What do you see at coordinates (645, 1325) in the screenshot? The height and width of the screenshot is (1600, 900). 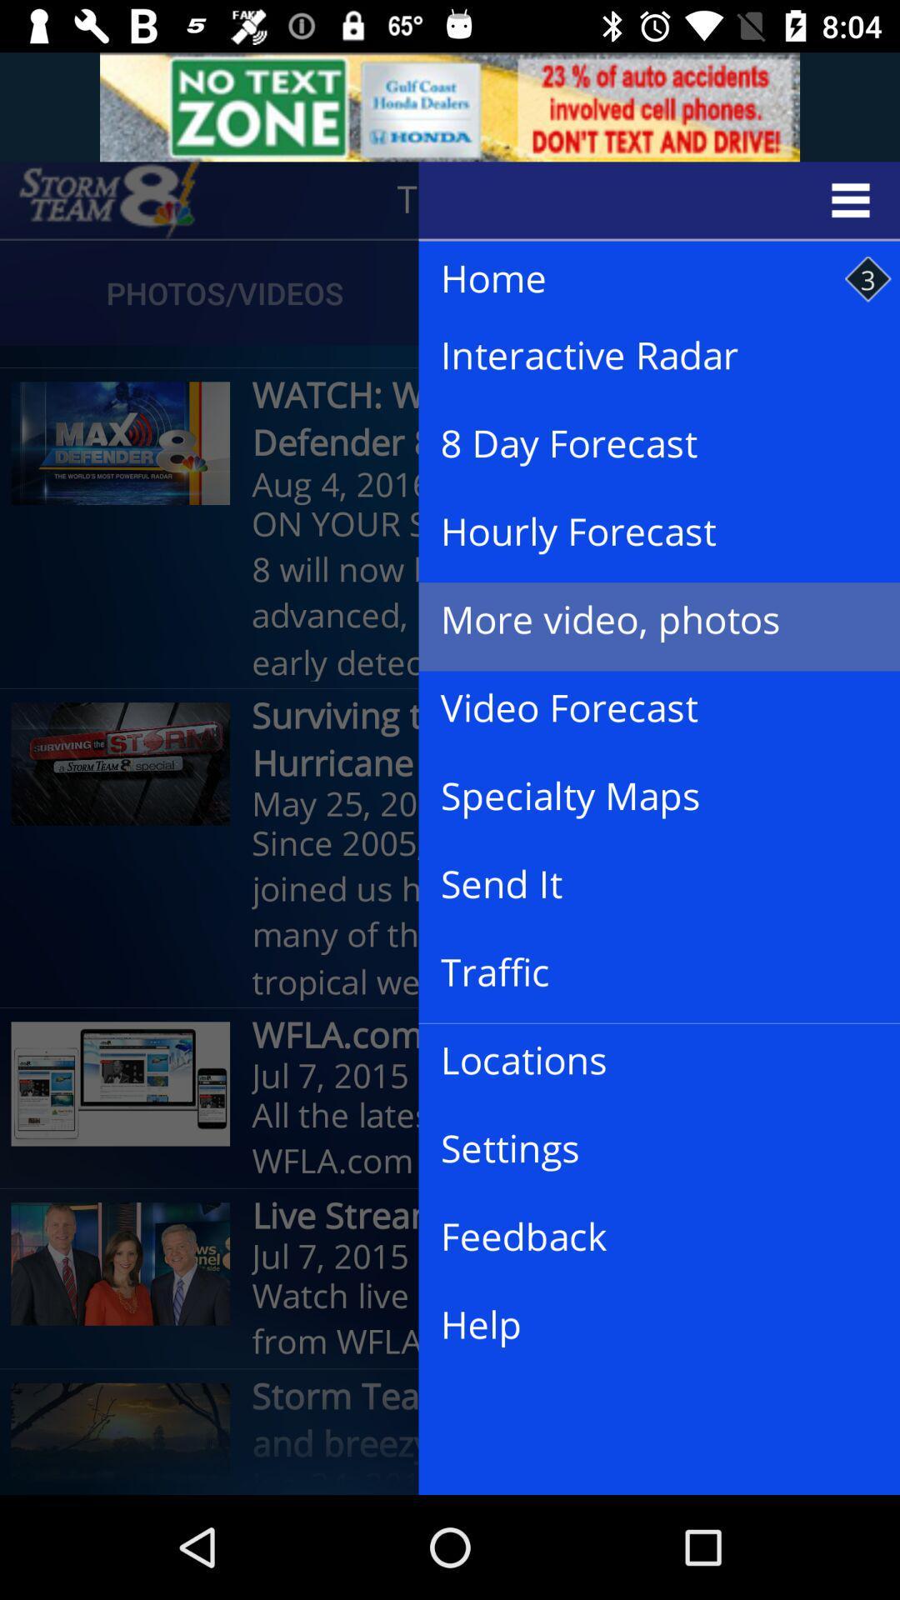 I see `the help item` at bounding box center [645, 1325].